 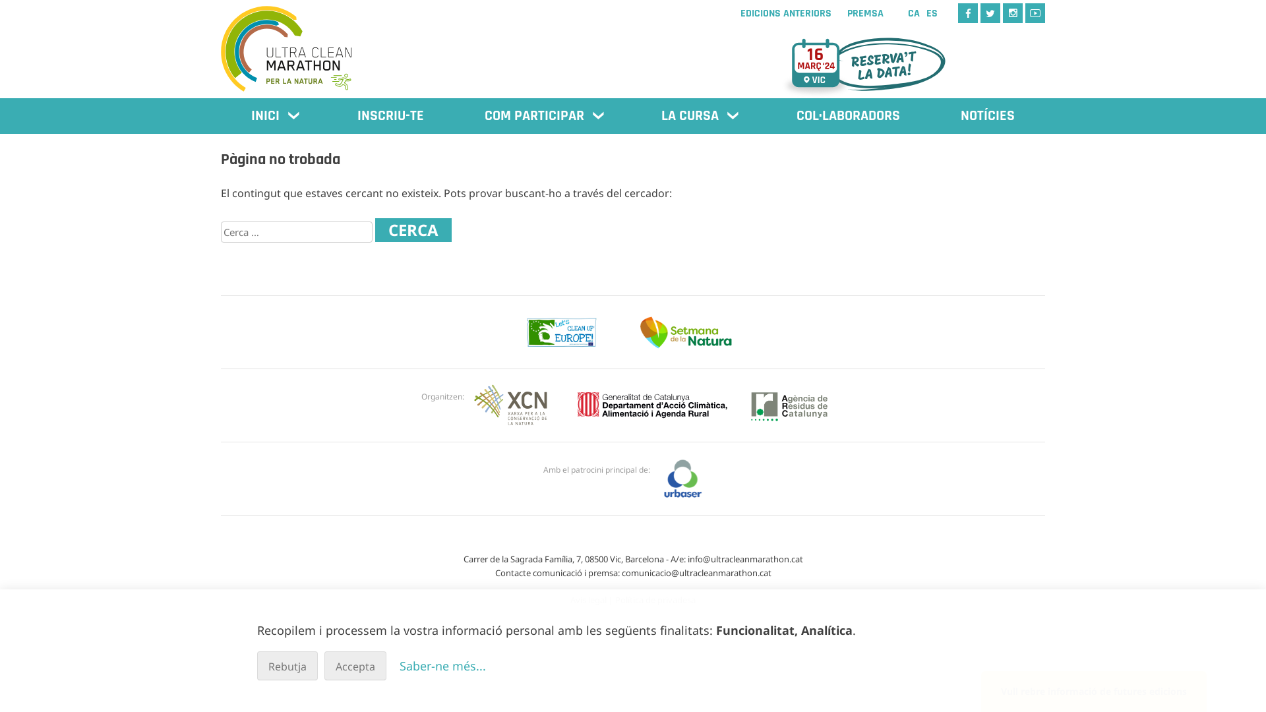 I want to click on 'Facebook', so click(x=968, y=13).